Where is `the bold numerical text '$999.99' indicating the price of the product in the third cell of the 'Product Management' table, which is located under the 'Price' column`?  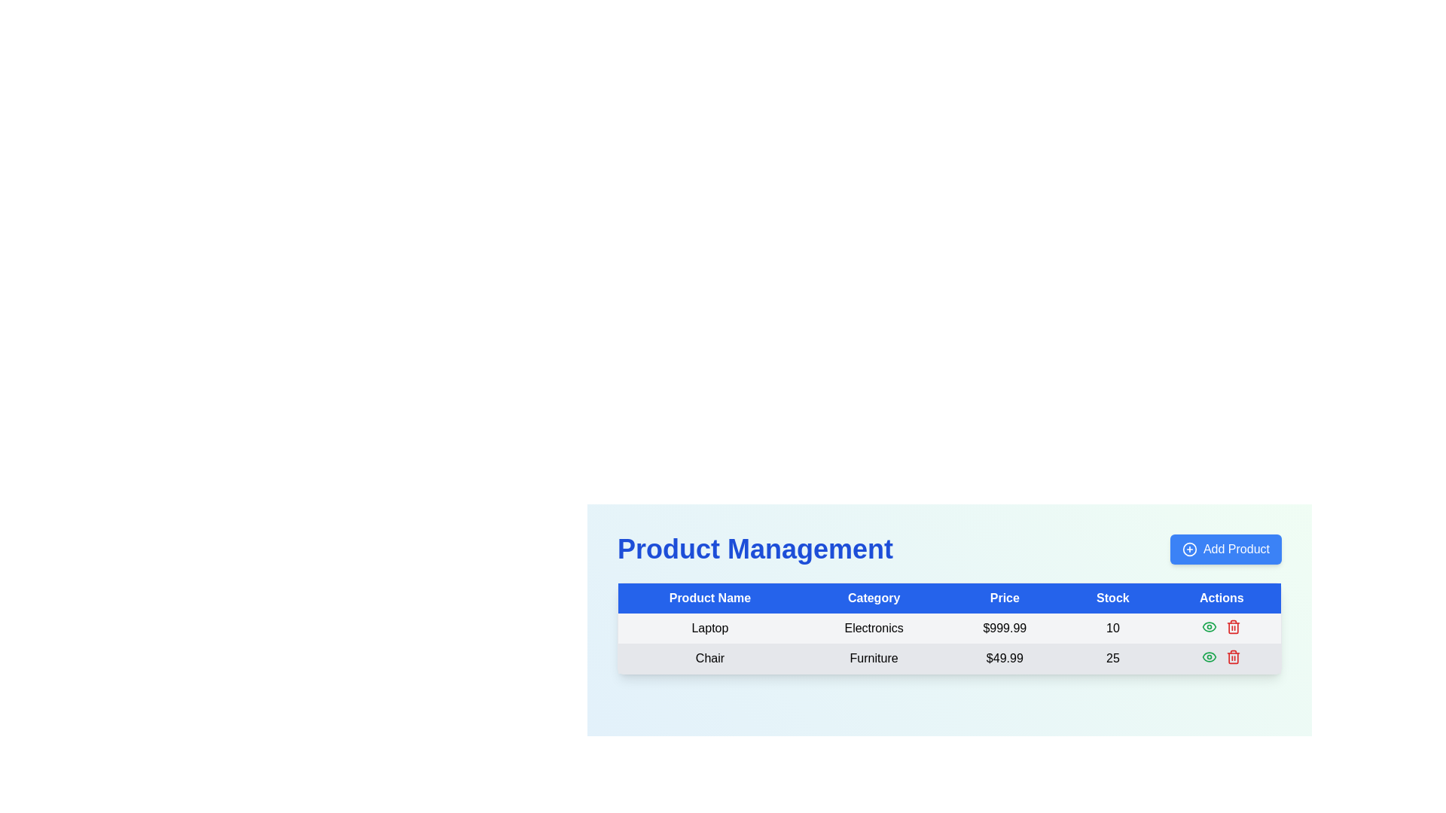
the bold numerical text '$999.99' indicating the price of the product in the third cell of the 'Product Management' table, which is located under the 'Price' column is located at coordinates (1005, 628).